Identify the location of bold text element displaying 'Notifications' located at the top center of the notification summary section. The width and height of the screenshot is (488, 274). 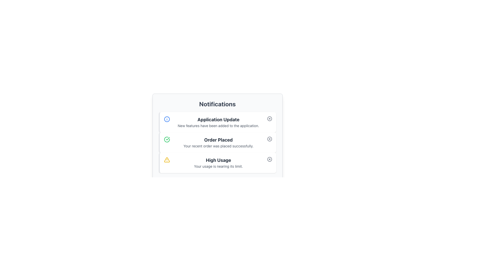
(217, 104).